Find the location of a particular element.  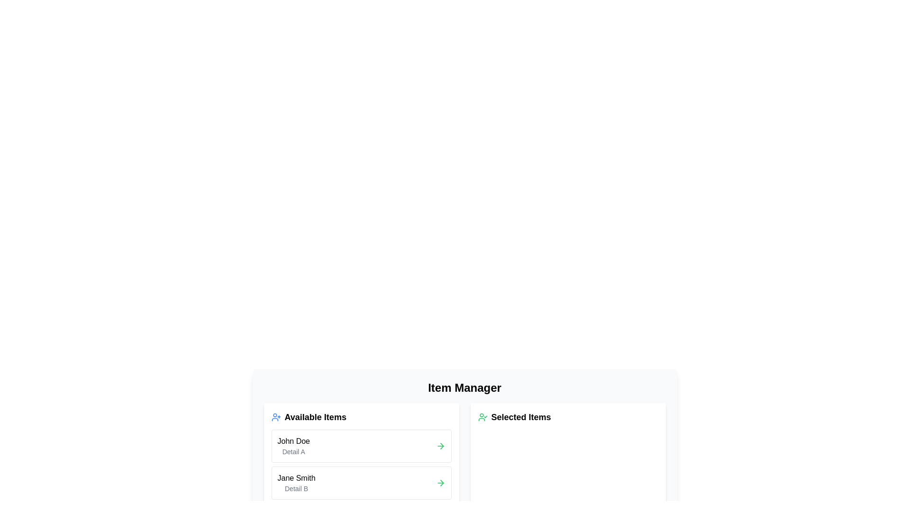

the label displaying 'Jane Smith' and 'Detail B' to emphasize its state in the 'Available Items' column of the 'Item Manager' interface is located at coordinates (296, 483).